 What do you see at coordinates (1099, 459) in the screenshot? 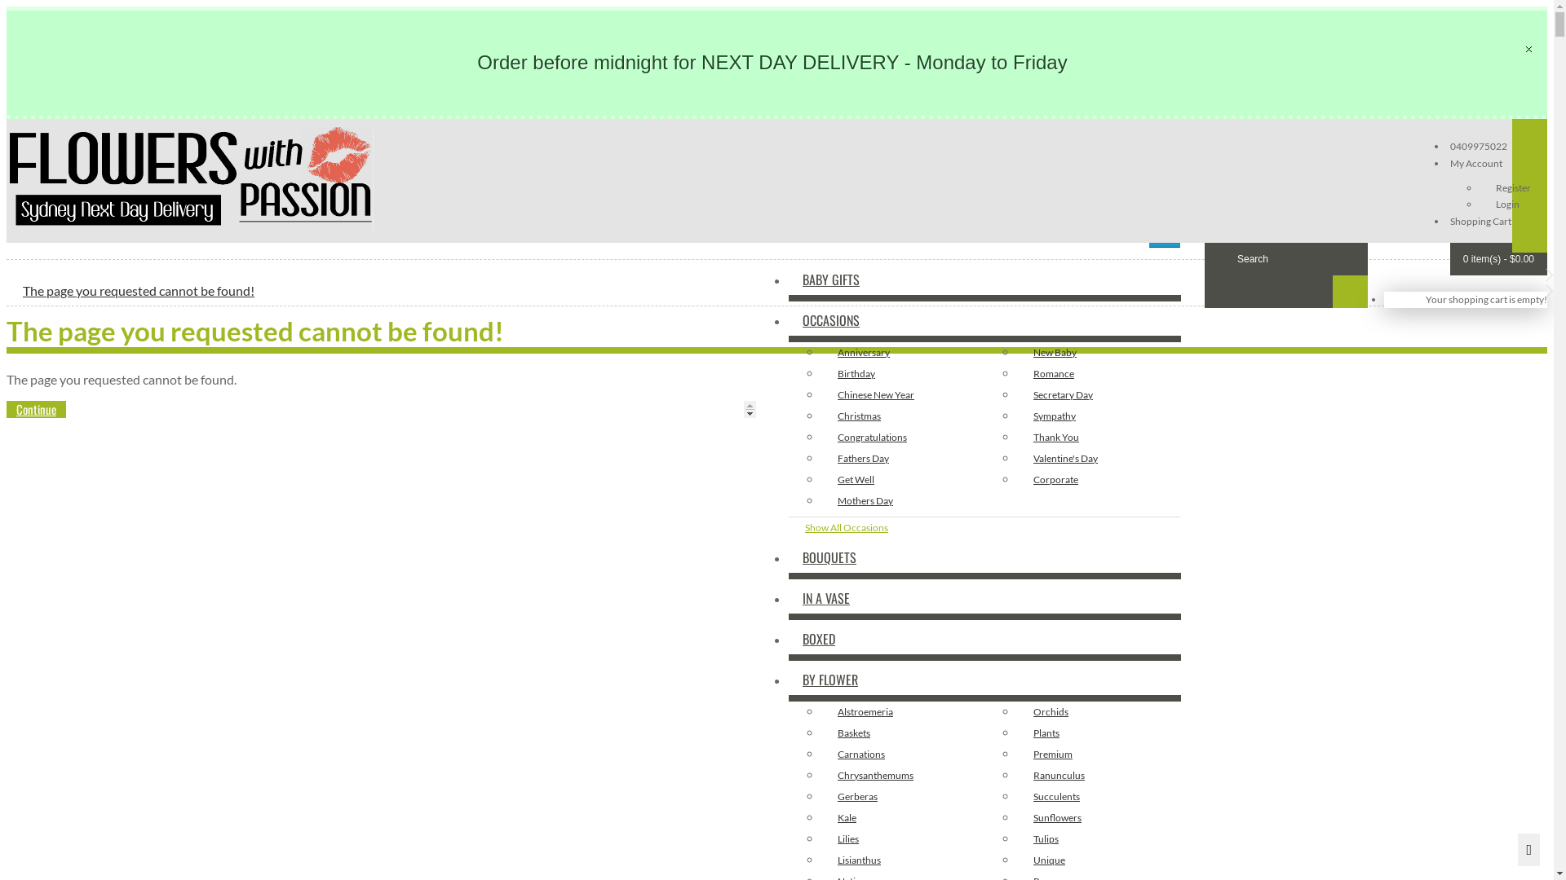
I see `'Valentine's Day'` at bounding box center [1099, 459].